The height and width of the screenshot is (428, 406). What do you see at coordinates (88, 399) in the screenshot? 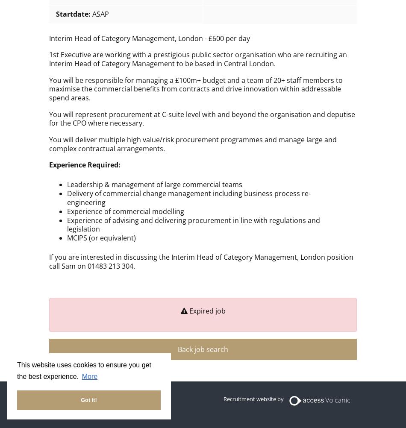
I see `'Got it!'` at bounding box center [88, 399].